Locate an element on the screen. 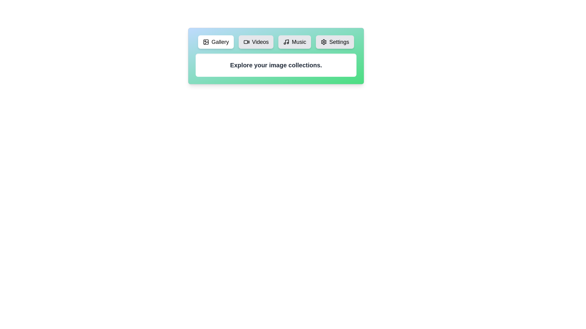 This screenshot has width=586, height=329. the tab labeled Music to view its content is located at coordinates (295, 42).